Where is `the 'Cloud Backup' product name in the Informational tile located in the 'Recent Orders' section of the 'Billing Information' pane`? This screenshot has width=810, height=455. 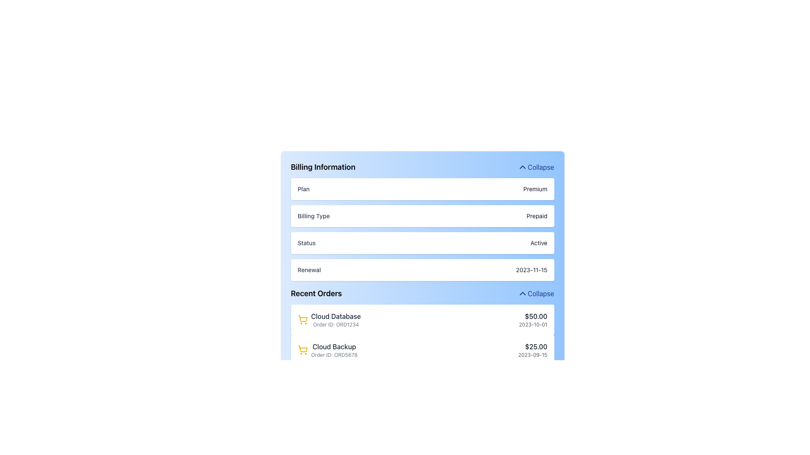 the 'Cloud Backup' product name in the Informational tile located in the 'Recent Orders' section of the 'Billing Information' pane is located at coordinates (327, 350).